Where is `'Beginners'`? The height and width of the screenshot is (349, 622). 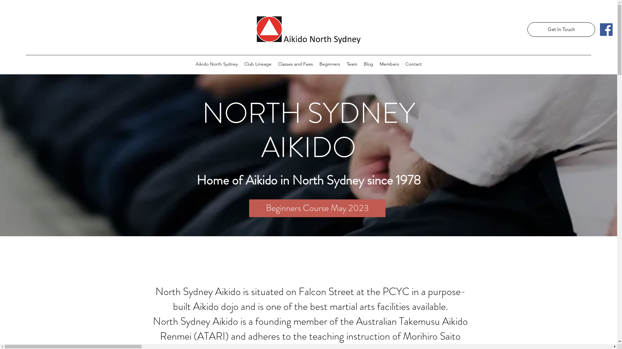
'Beginners' is located at coordinates (329, 64).